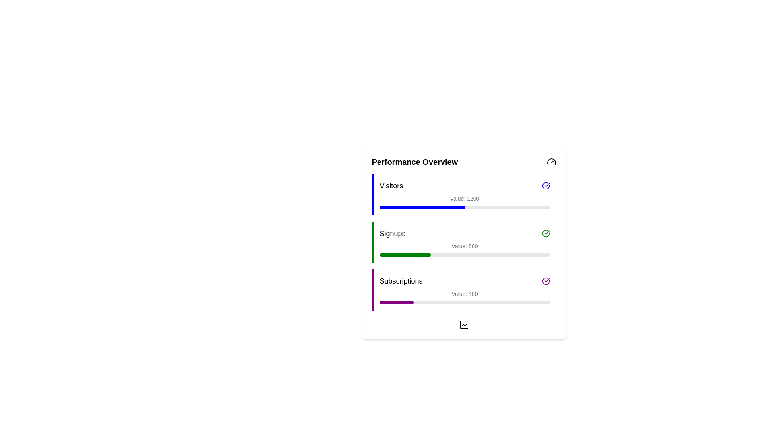  What do you see at coordinates (464, 290) in the screenshot?
I see `the Data Visualization Card labeled 'Subscriptions', which displays the numerical value '400' and is located below the 'Visitors' and 'Signups' sections in the 'Performance Overview' card` at bounding box center [464, 290].